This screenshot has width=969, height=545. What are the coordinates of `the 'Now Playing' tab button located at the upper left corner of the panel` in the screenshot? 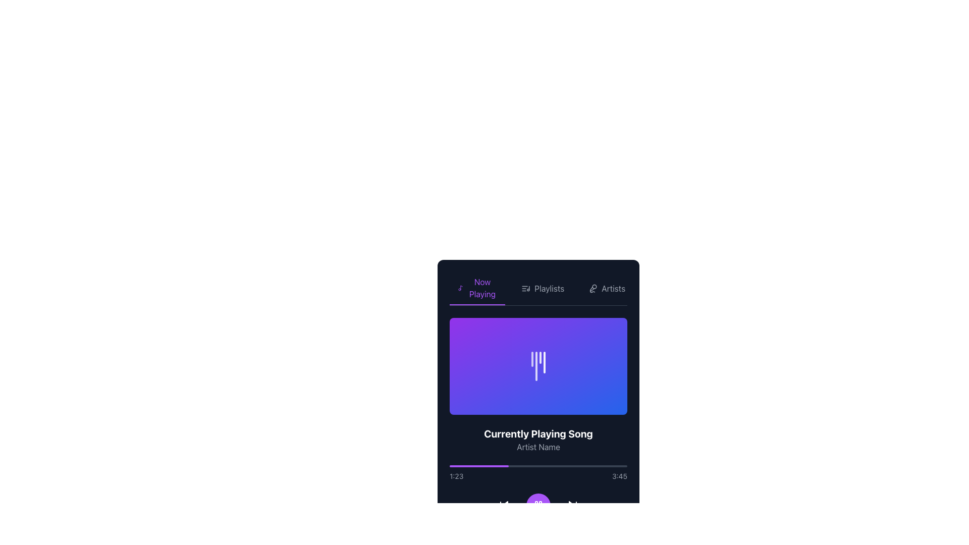 It's located at (477, 288).